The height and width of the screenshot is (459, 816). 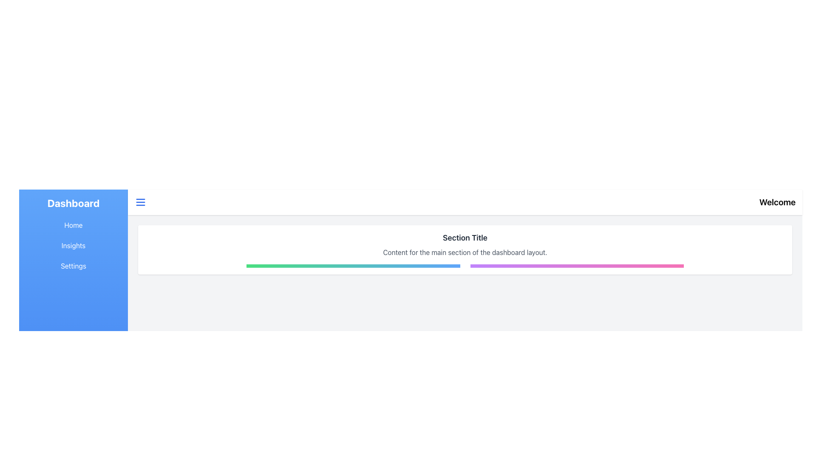 What do you see at coordinates (465, 265) in the screenshot?
I see `the Decorative progress or status bar located below the 'Section Title' and its subtitle, characterized by two adjacent rectangular segments with gradient fills, transitioning from green to blue on the left and purple to pink on the right` at bounding box center [465, 265].